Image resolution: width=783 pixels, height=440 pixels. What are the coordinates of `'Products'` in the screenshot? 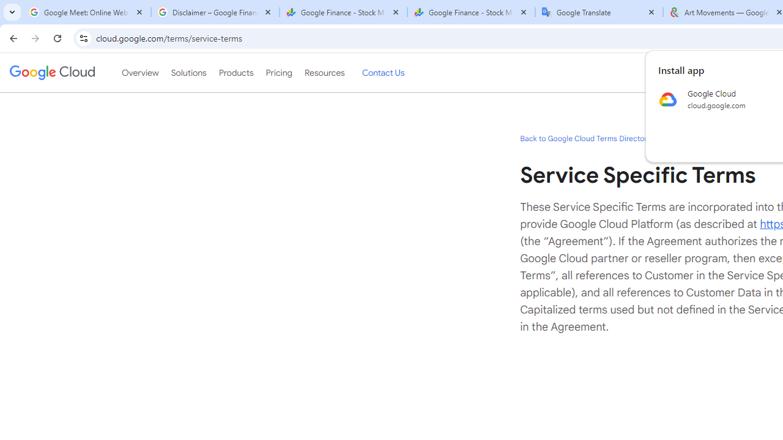 It's located at (236, 73).